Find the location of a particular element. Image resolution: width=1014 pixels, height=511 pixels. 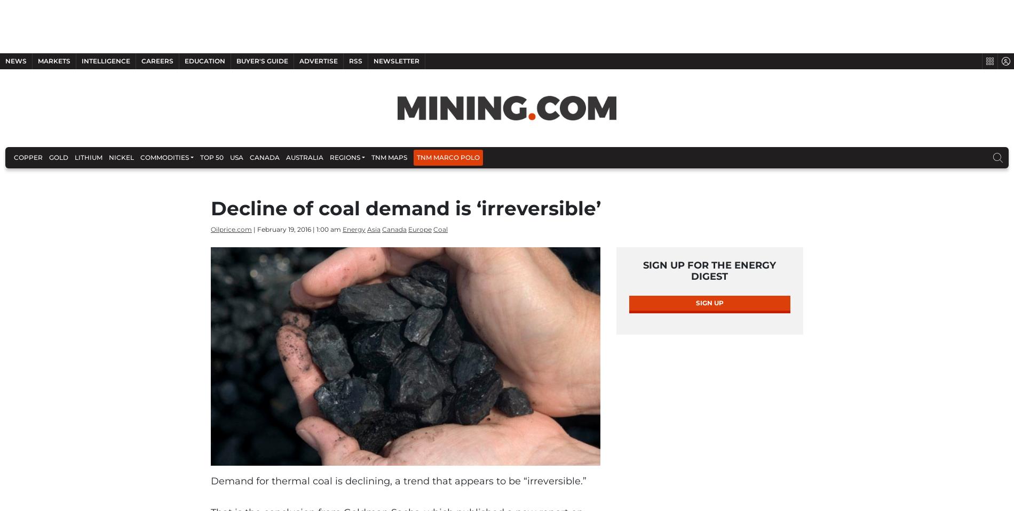

'Decline of coal demand is ‘irreversible’' is located at coordinates (405, 256).